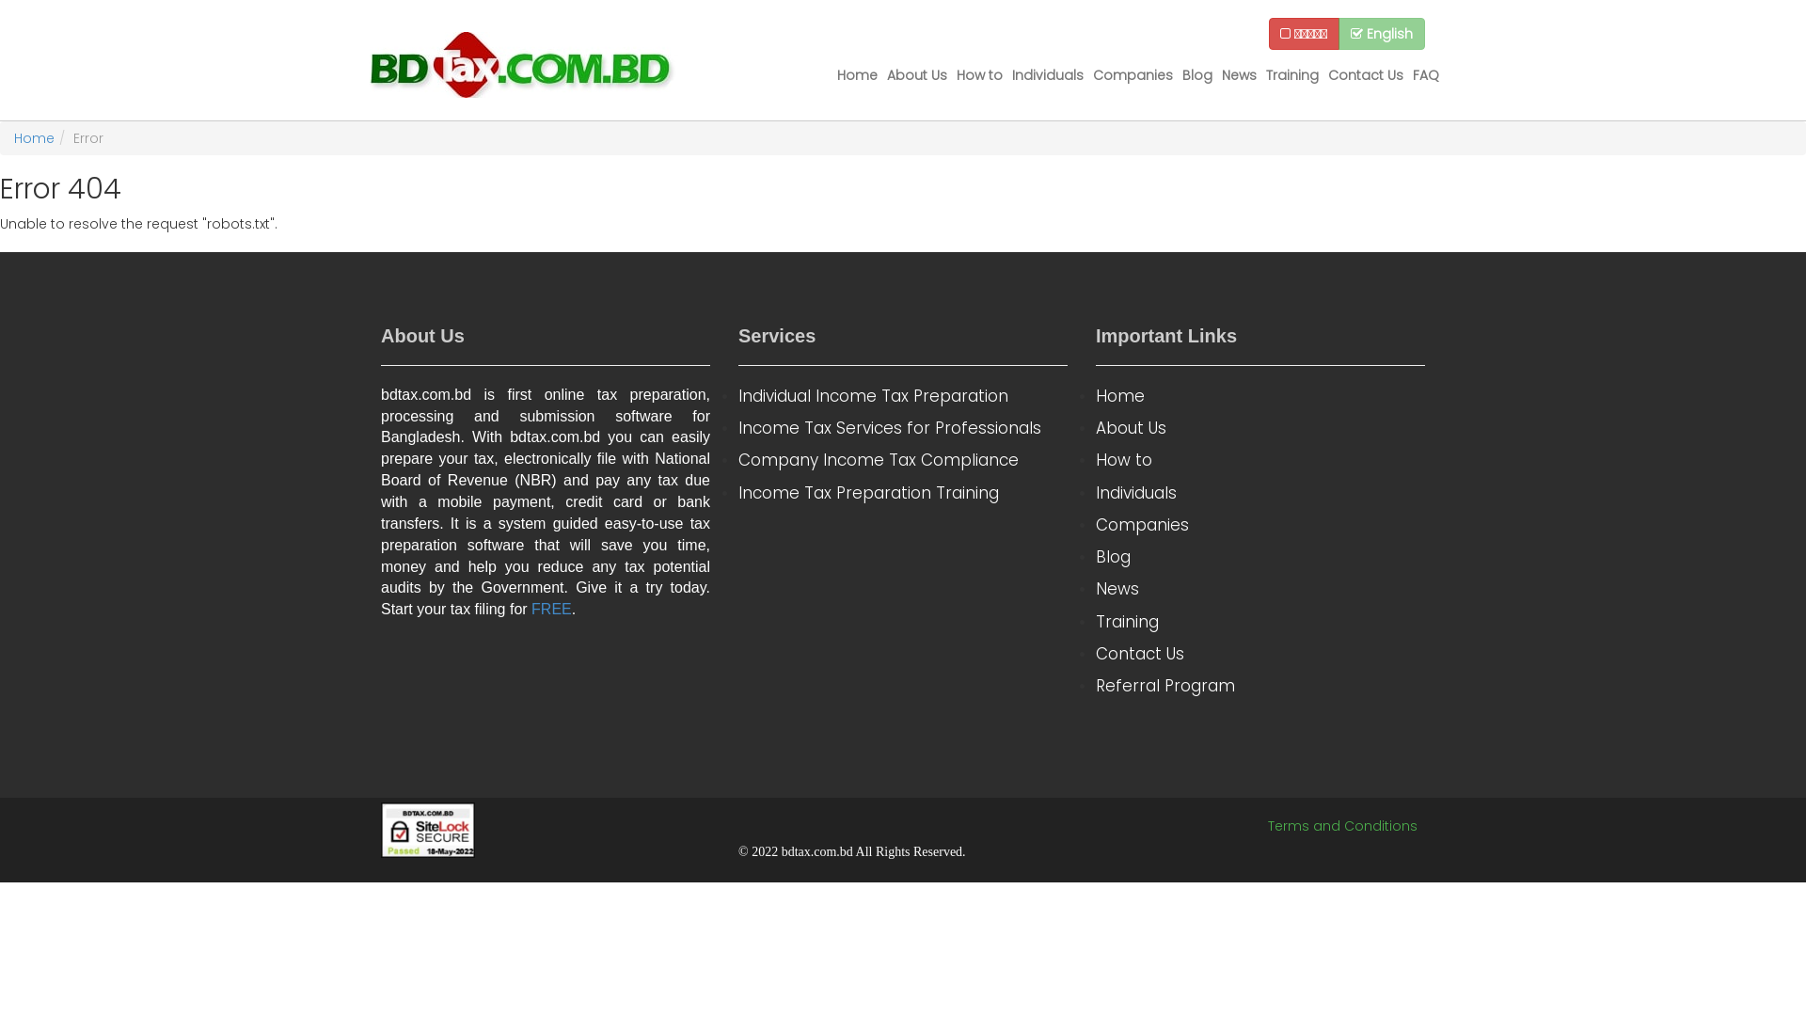 This screenshot has width=1806, height=1016. I want to click on 'Blog', so click(1196, 74).